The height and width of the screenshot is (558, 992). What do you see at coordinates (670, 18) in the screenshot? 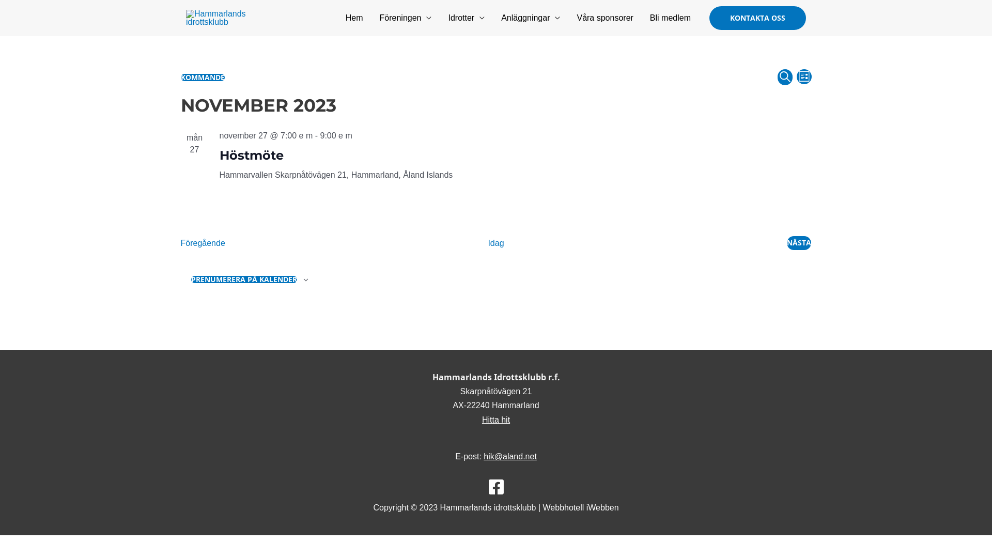
I see `'Bli medlem'` at bounding box center [670, 18].